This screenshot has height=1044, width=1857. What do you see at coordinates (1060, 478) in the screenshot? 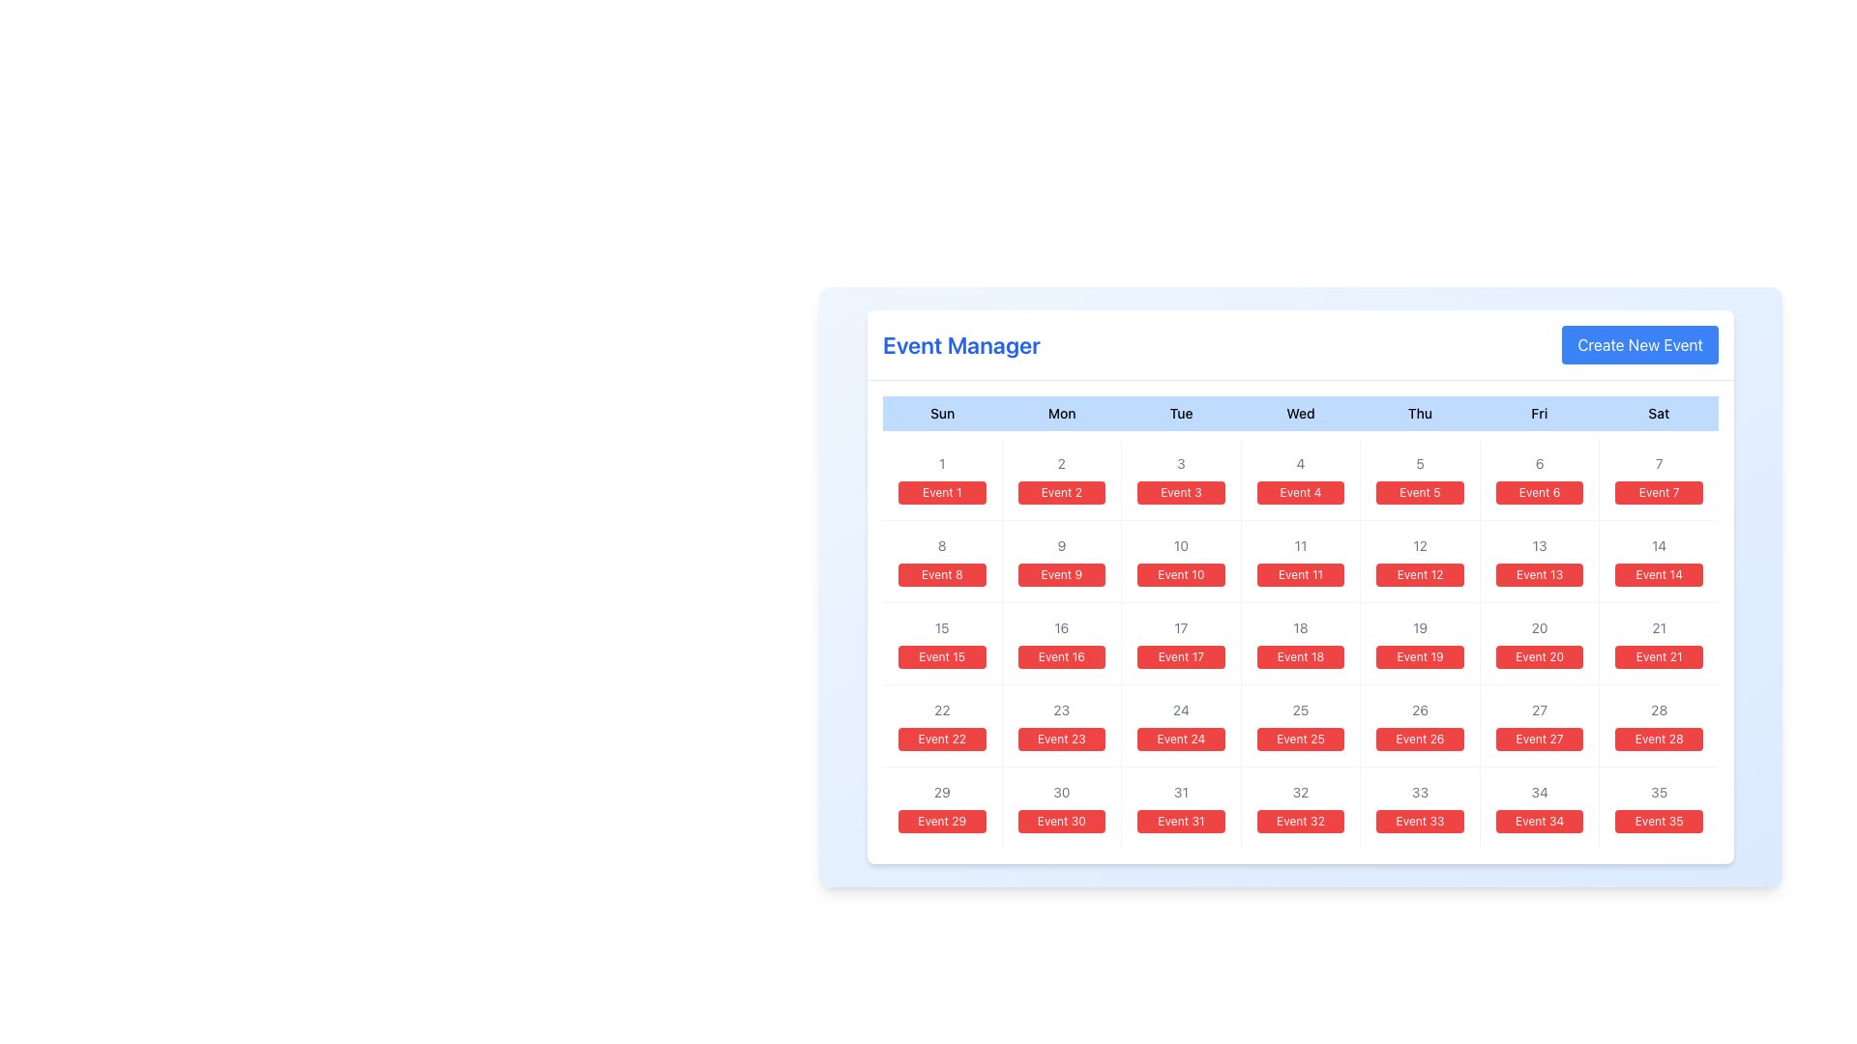
I see `the calendar event titled 'Event 2', which is the second item` at bounding box center [1060, 478].